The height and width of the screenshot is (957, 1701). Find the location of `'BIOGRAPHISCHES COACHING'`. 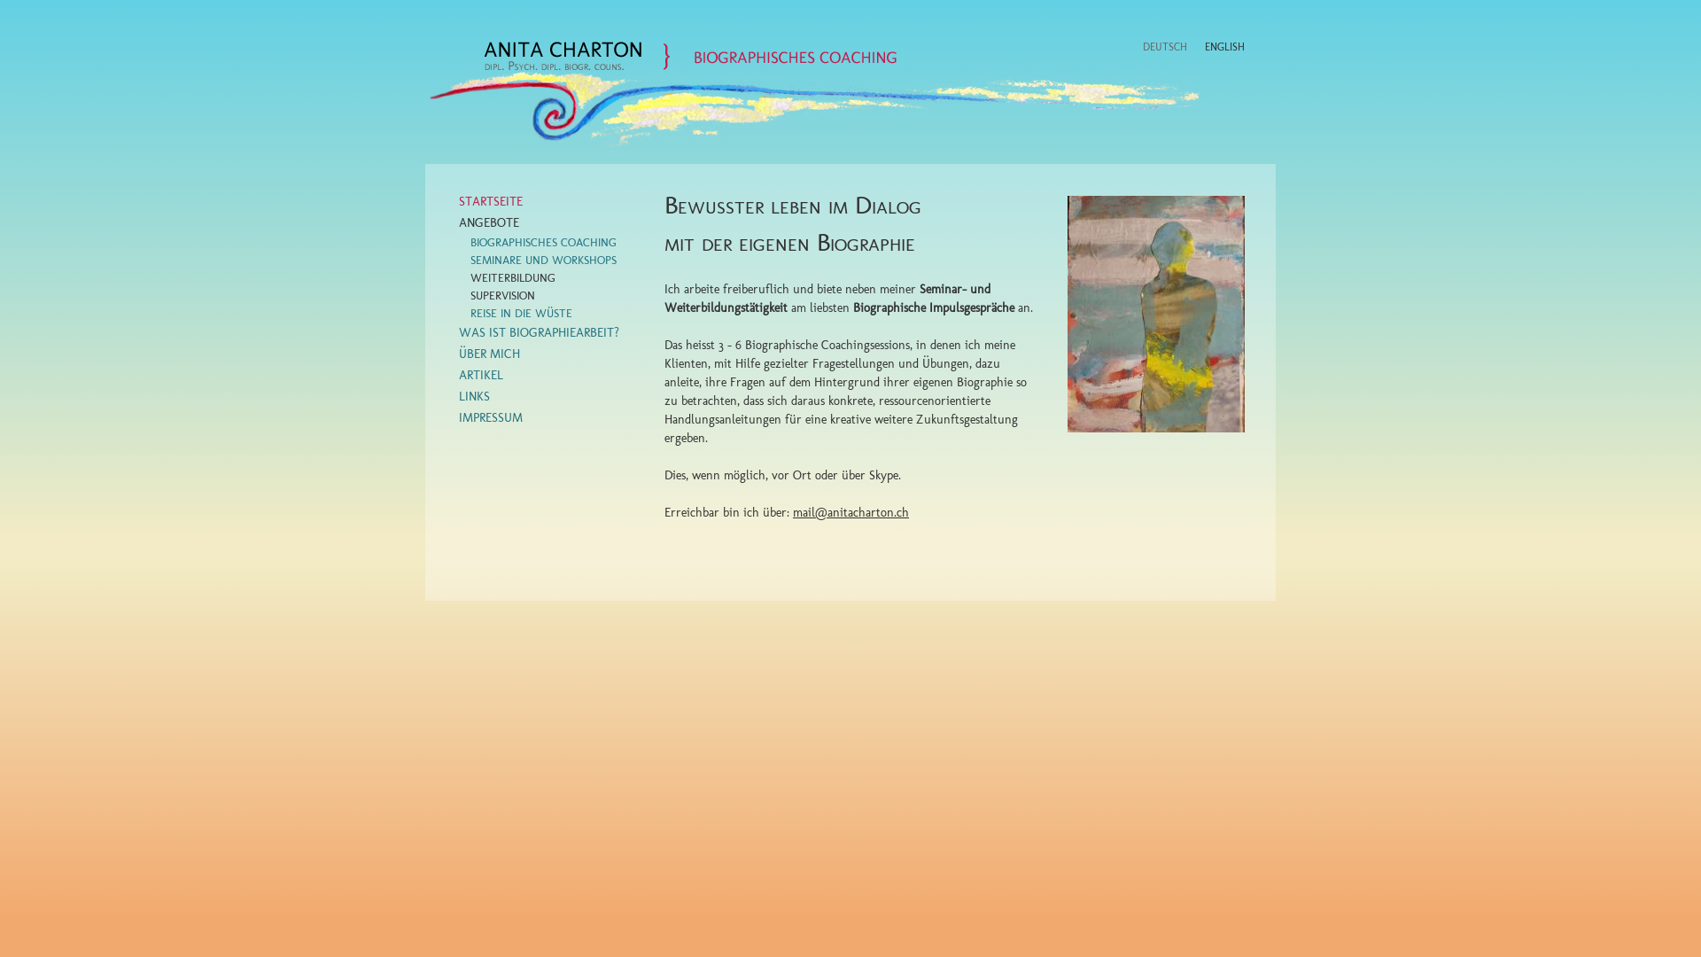

'BIOGRAPHISCHES COACHING' is located at coordinates (542, 242).